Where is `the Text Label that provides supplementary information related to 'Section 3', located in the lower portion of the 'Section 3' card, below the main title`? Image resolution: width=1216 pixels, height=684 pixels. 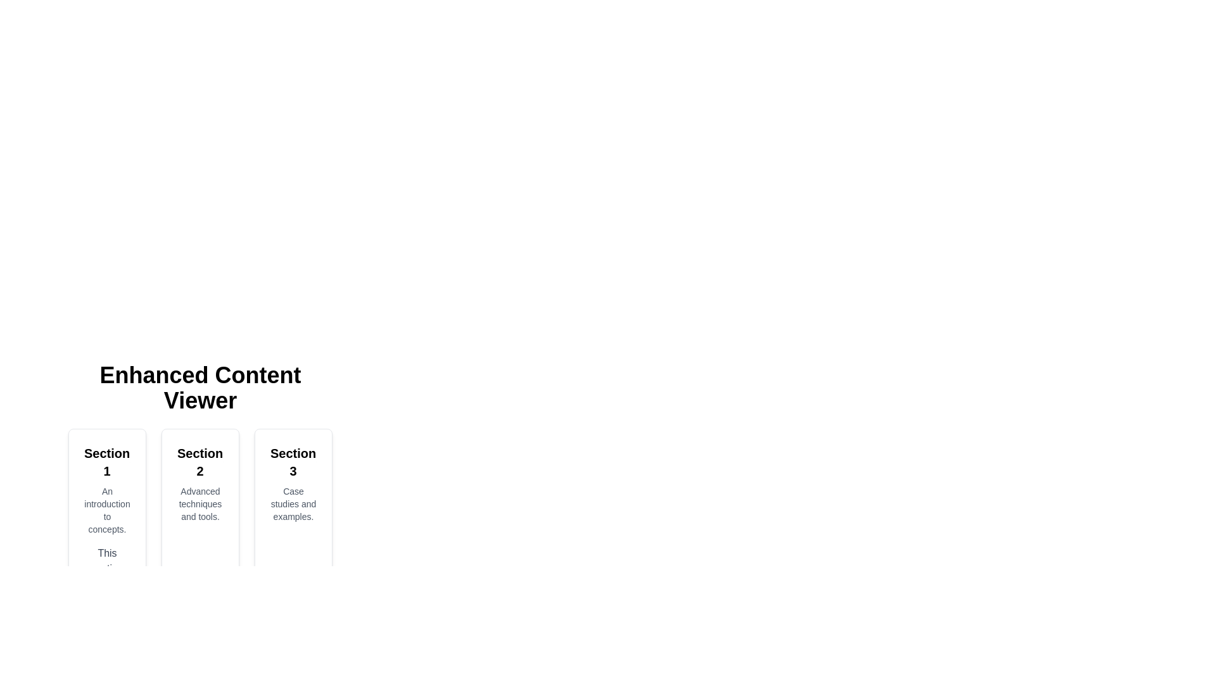
the Text Label that provides supplementary information related to 'Section 3', located in the lower portion of the 'Section 3' card, below the main title is located at coordinates (293, 503).